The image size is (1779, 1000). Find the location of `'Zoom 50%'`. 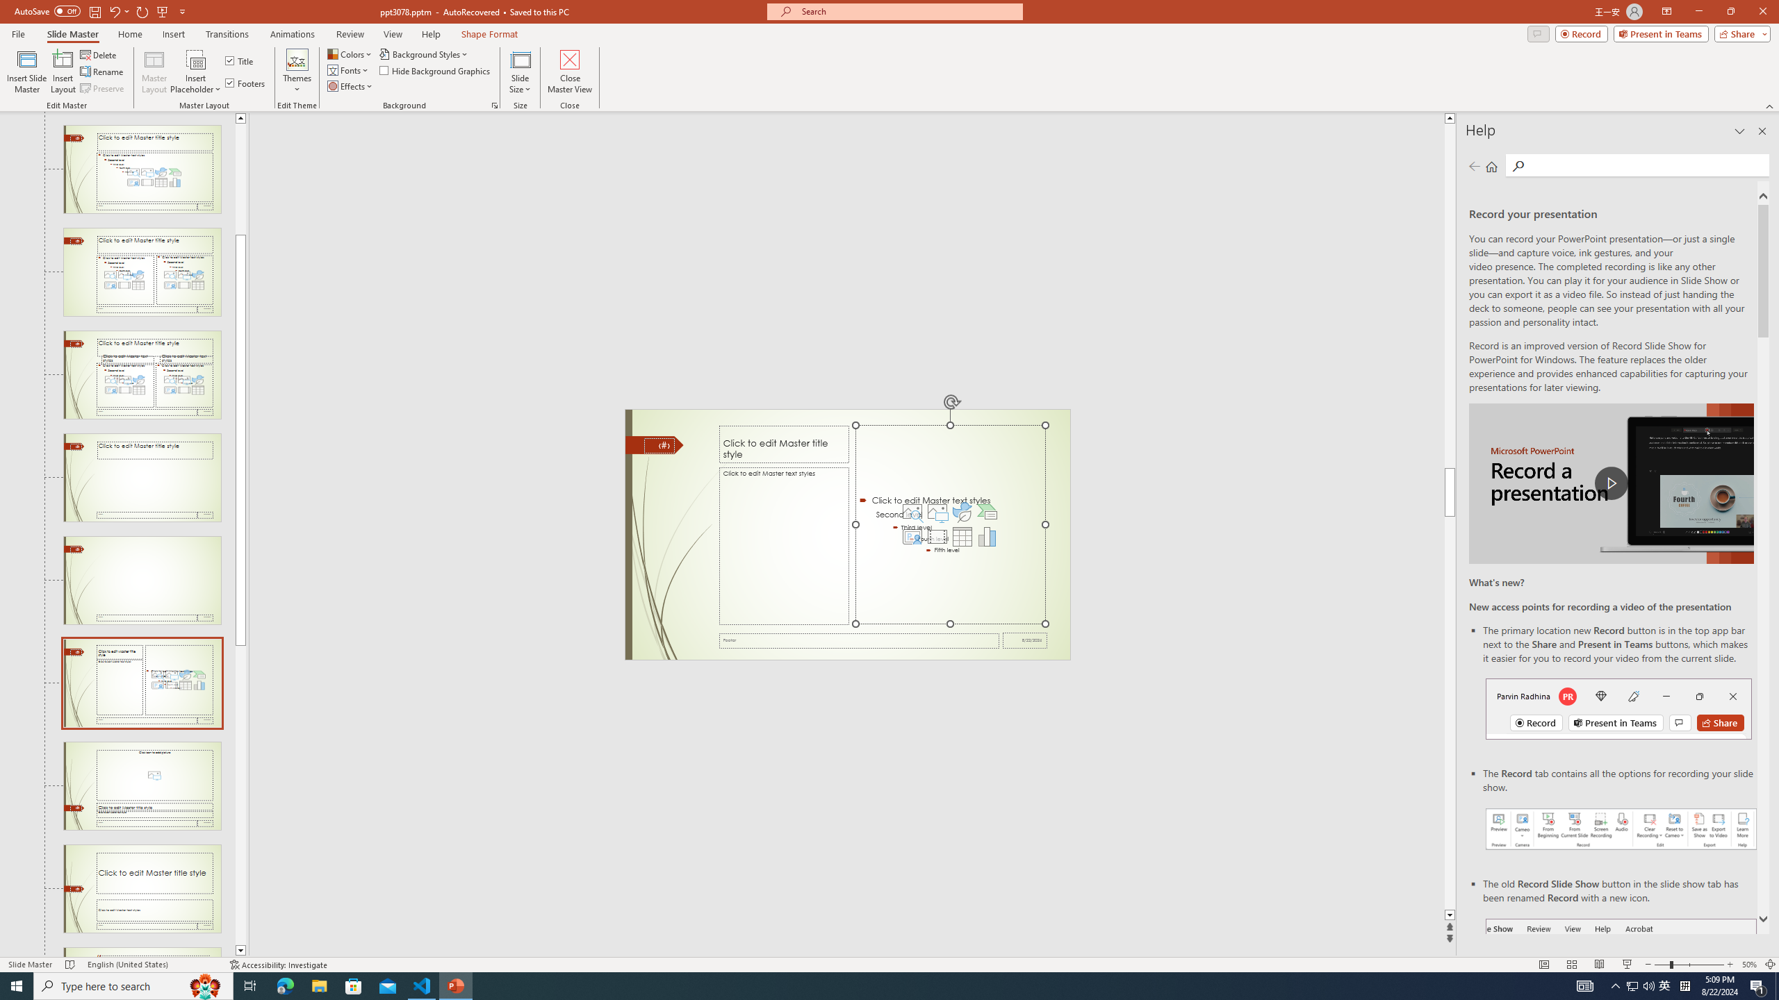

'Zoom 50%' is located at coordinates (1748, 965).